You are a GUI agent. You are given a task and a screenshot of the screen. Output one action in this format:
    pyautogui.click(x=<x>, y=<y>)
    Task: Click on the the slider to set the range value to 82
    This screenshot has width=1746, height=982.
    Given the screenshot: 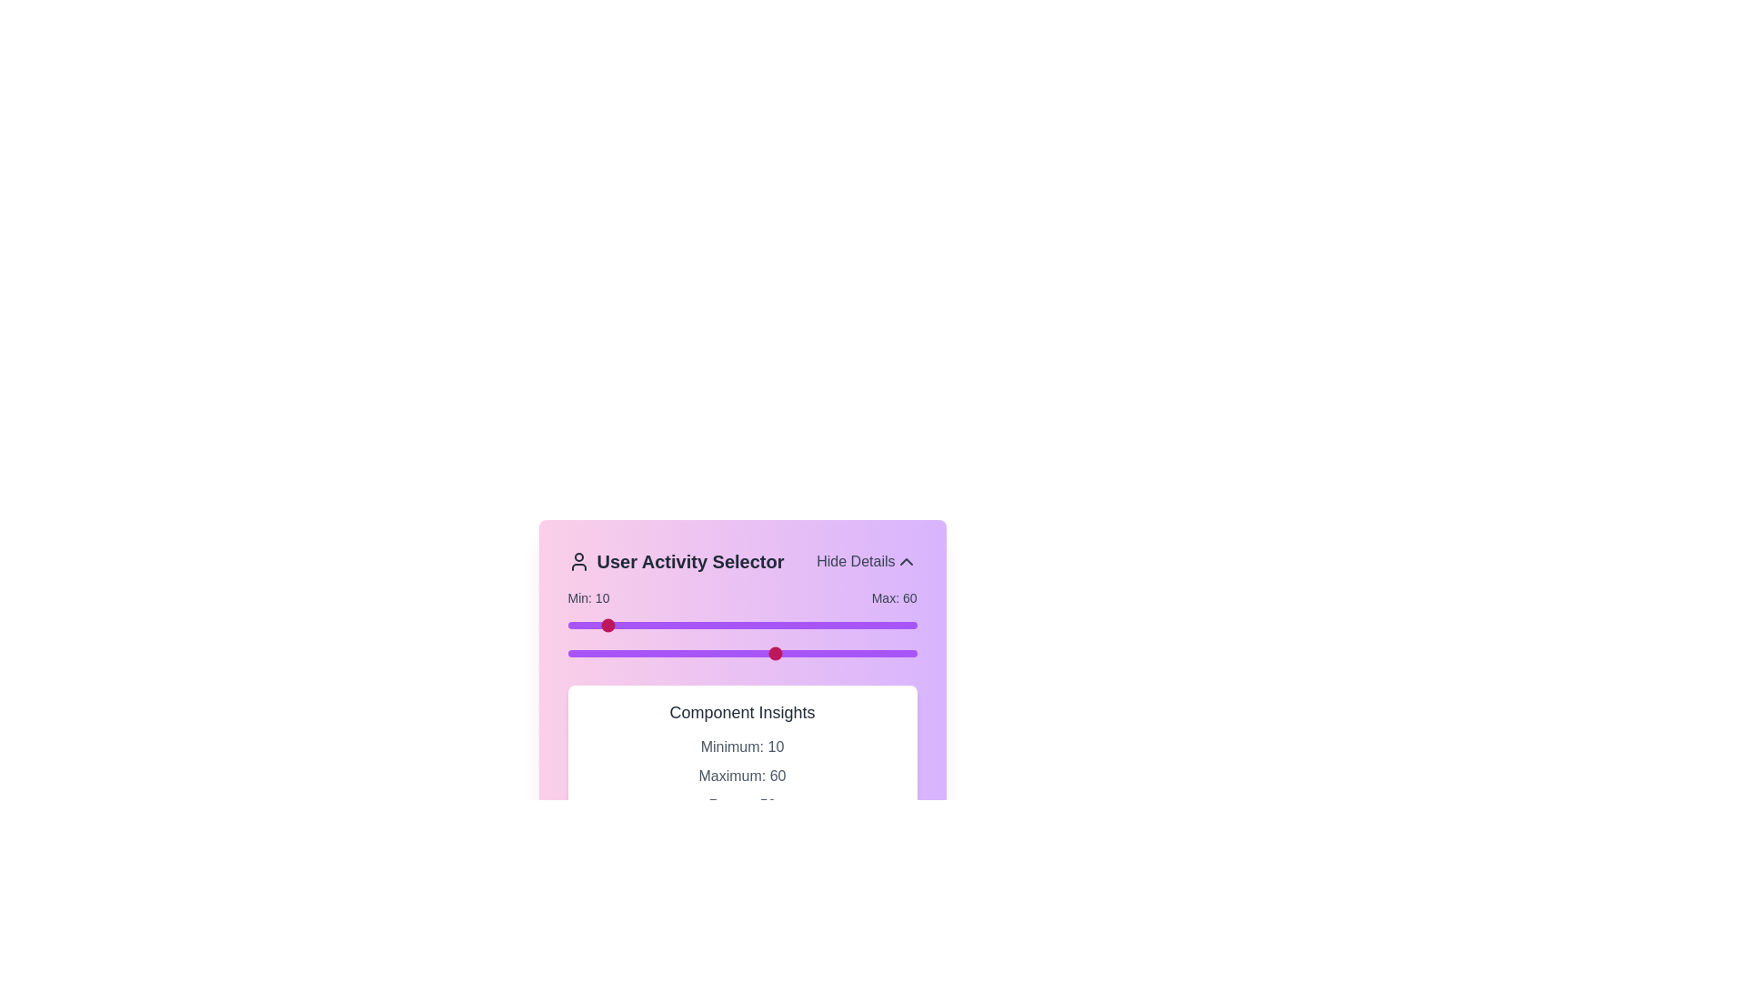 What is the action you would take?
    pyautogui.click(x=853, y=624)
    